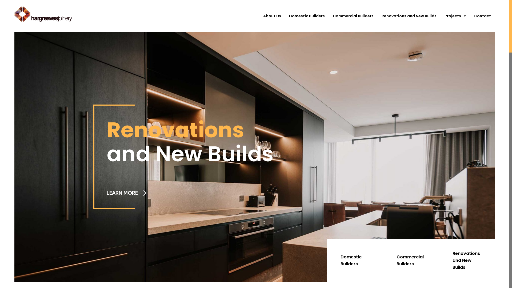  I want to click on 'Projects', so click(440, 16).